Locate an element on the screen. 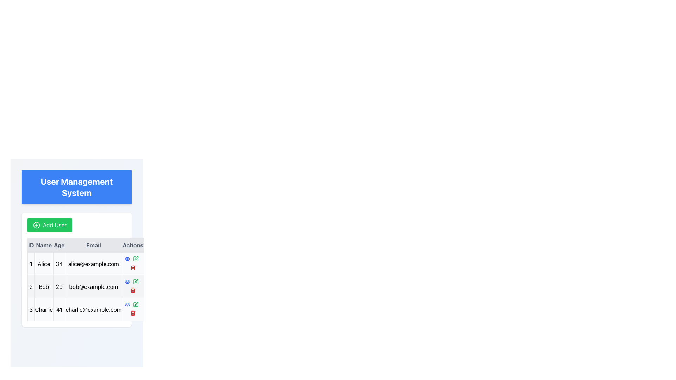 This screenshot has height=380, width=676. the interactive elements within the first row of the user data table, which displays ID, name, age, and email is located at coordinates (85, 264).